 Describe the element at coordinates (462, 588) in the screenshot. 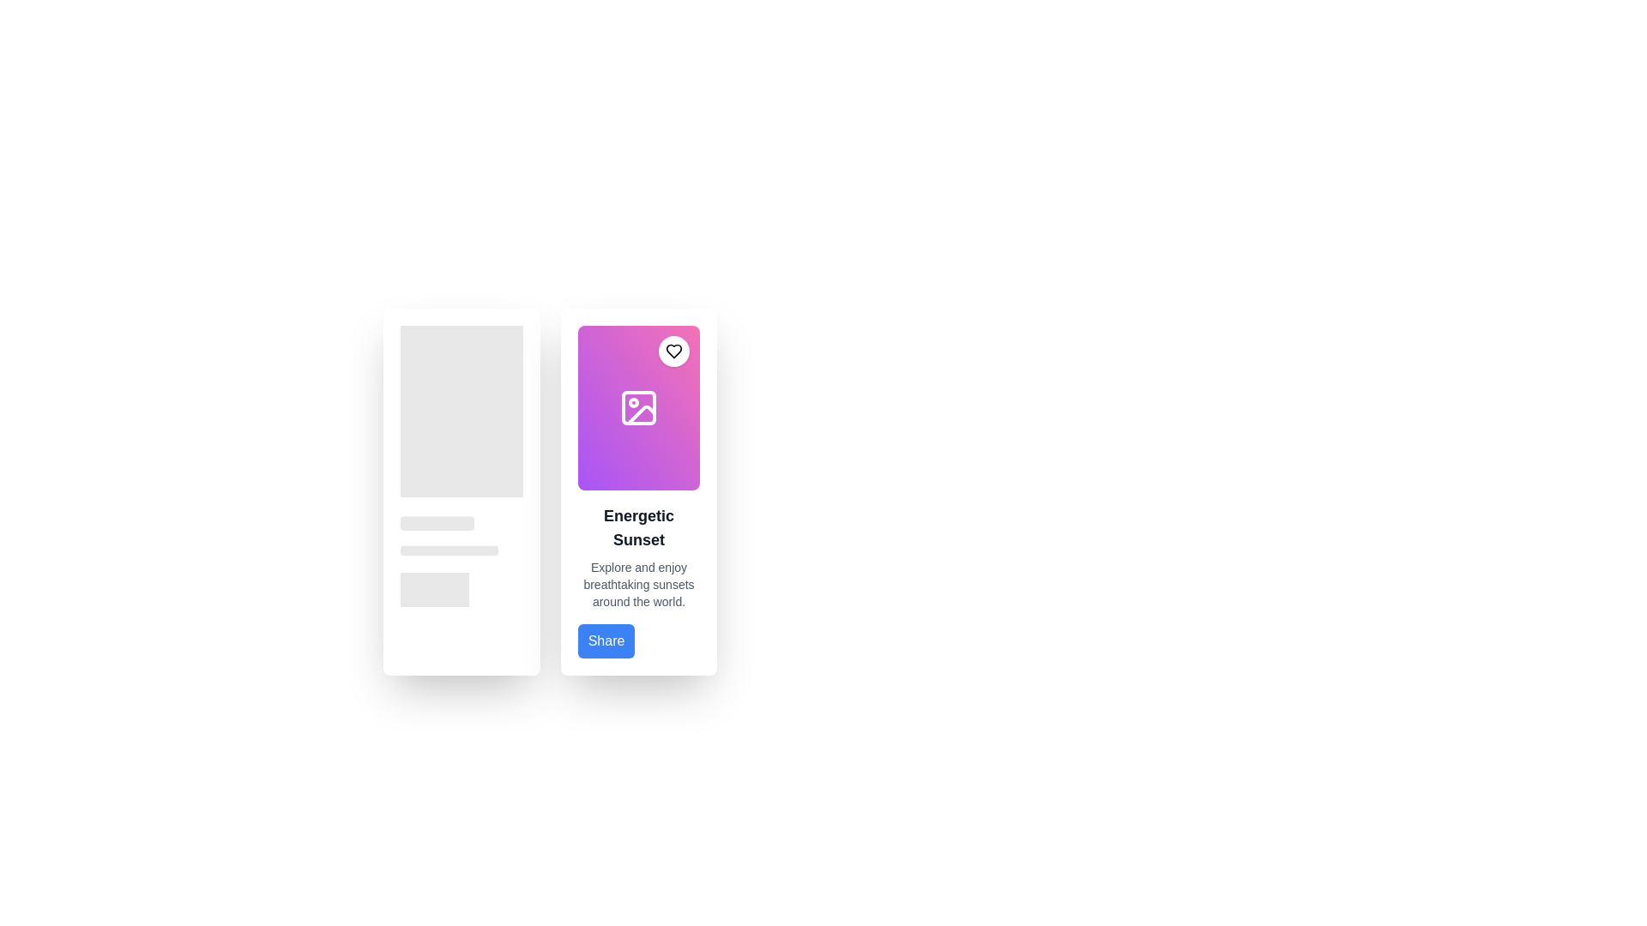

I see `the skeleton loader placeholder component located at the bottom center of the left card, which represents a UI component that will be displayed once fully loaded` at that location.